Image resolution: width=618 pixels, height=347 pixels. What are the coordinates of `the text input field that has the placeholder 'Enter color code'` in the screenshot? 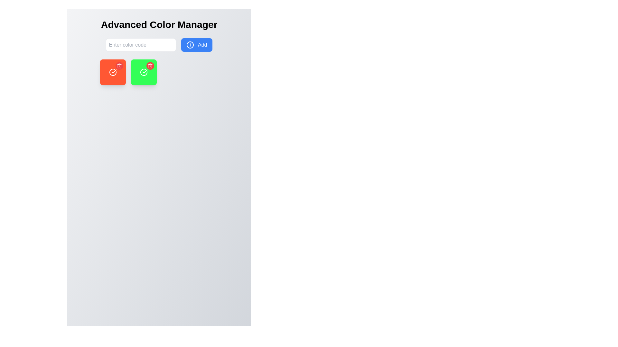 It's located at (141, 44).